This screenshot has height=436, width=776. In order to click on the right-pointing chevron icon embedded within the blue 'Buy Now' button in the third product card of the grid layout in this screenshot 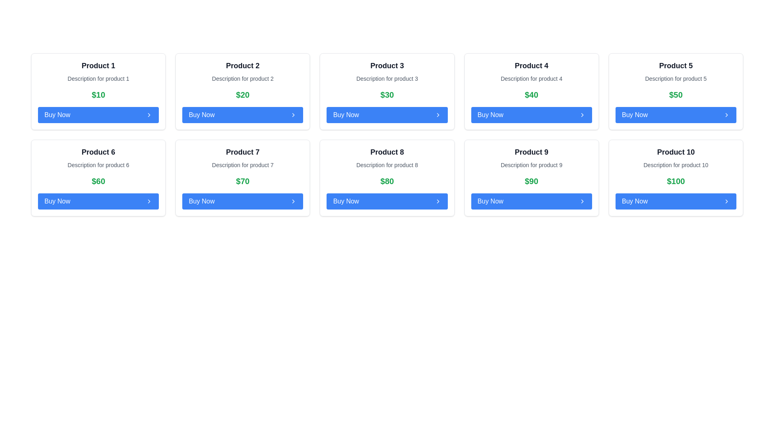, I will do `click(437, 115)`.